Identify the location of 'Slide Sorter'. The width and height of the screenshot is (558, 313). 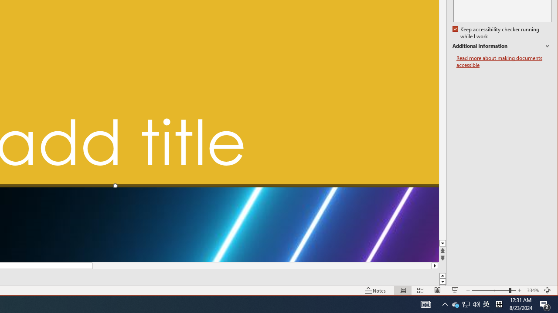
(420, 290).